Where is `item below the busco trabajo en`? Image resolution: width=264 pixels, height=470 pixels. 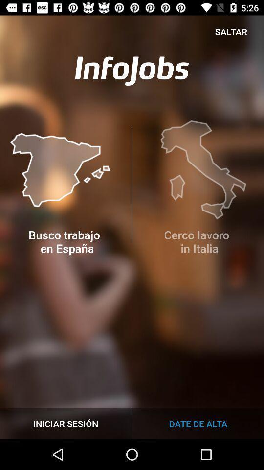 item below the busco trabajo en is located at coordinates (66, 423).